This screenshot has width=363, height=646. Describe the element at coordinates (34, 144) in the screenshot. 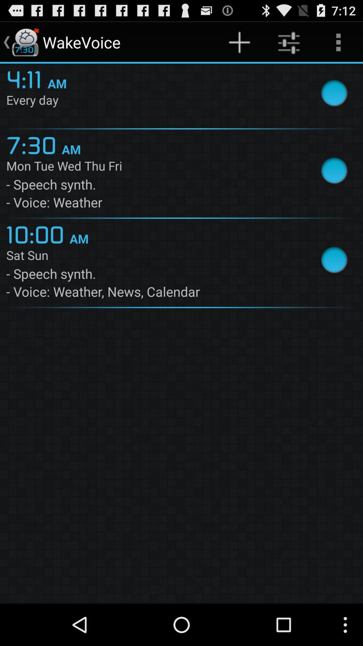

I see `the icon next to am` at that location.